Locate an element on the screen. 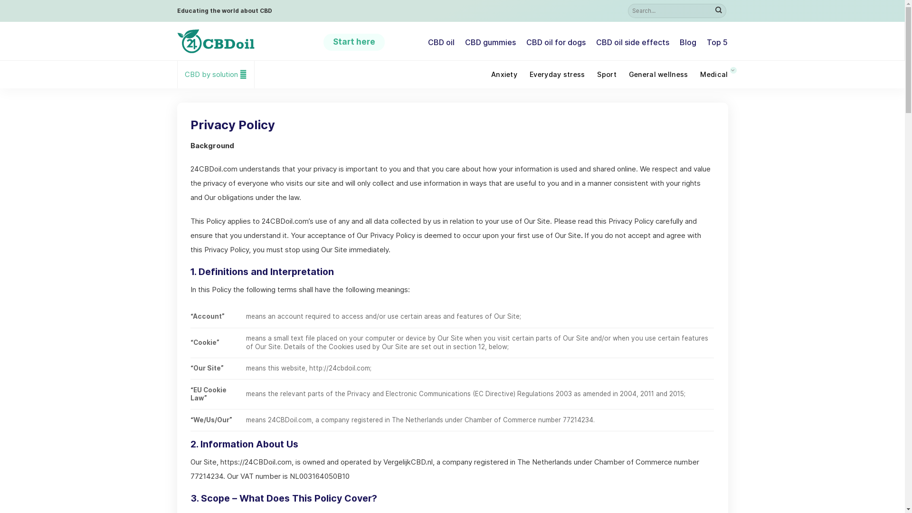 The width and height of the screenshot is (912, 513). 'Medical' is located at coordinates (713, 74).